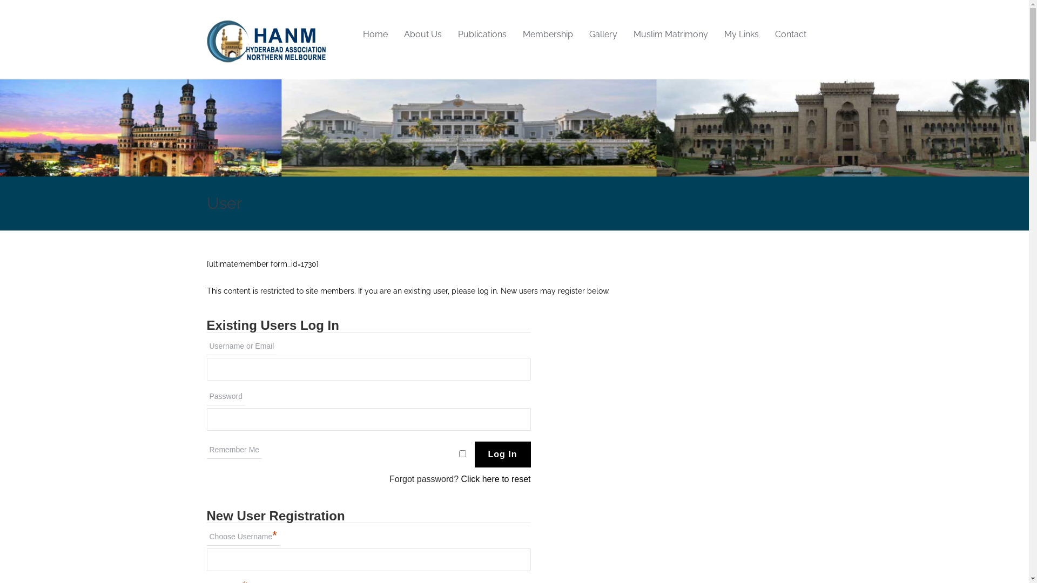  What do you see at coordinates (791, 34) in the screenshot?
I see `'Contact'` at bounding box center [791, 34].